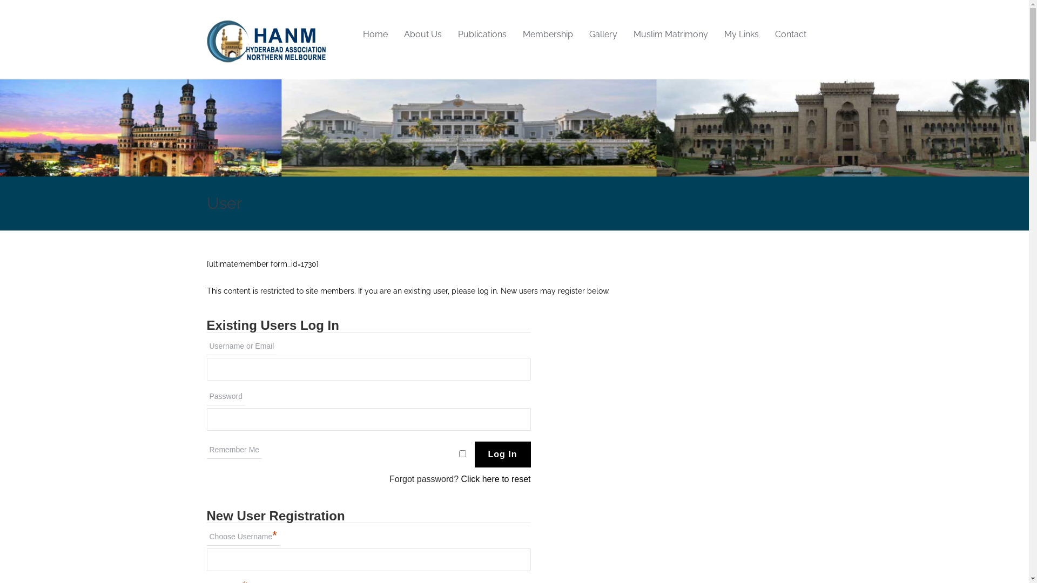  What do you see at coordinates (791, 34) in the screenshot?
I see `'Contact'` at bounding box center [791, 34].